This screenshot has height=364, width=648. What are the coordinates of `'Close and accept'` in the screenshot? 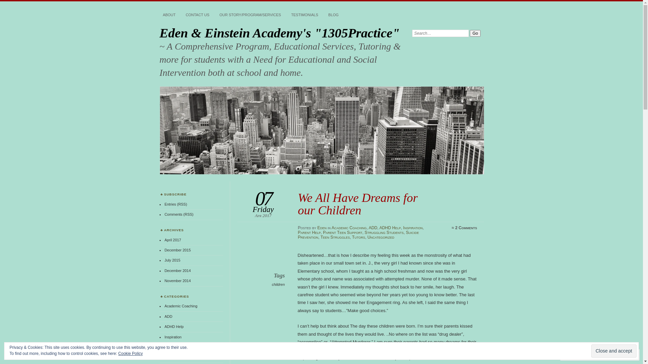 It's located at (614, 351).